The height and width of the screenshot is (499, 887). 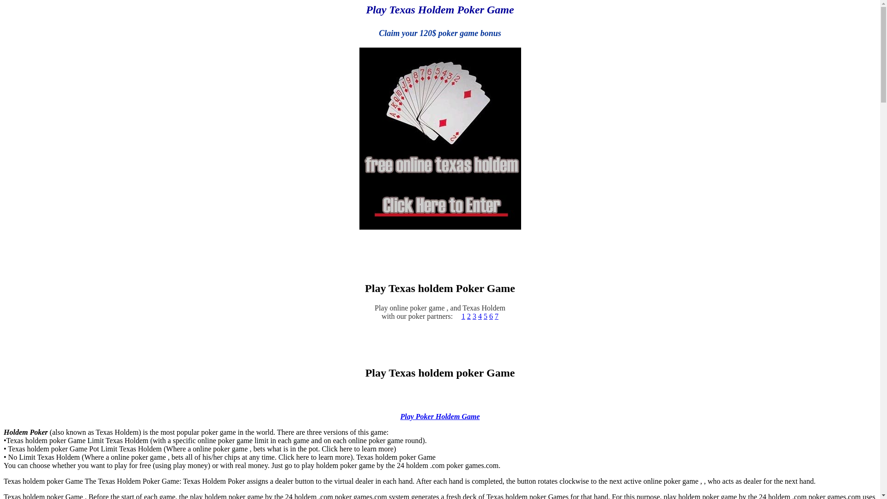 I want to click on '4', so click(x=480, y=316).